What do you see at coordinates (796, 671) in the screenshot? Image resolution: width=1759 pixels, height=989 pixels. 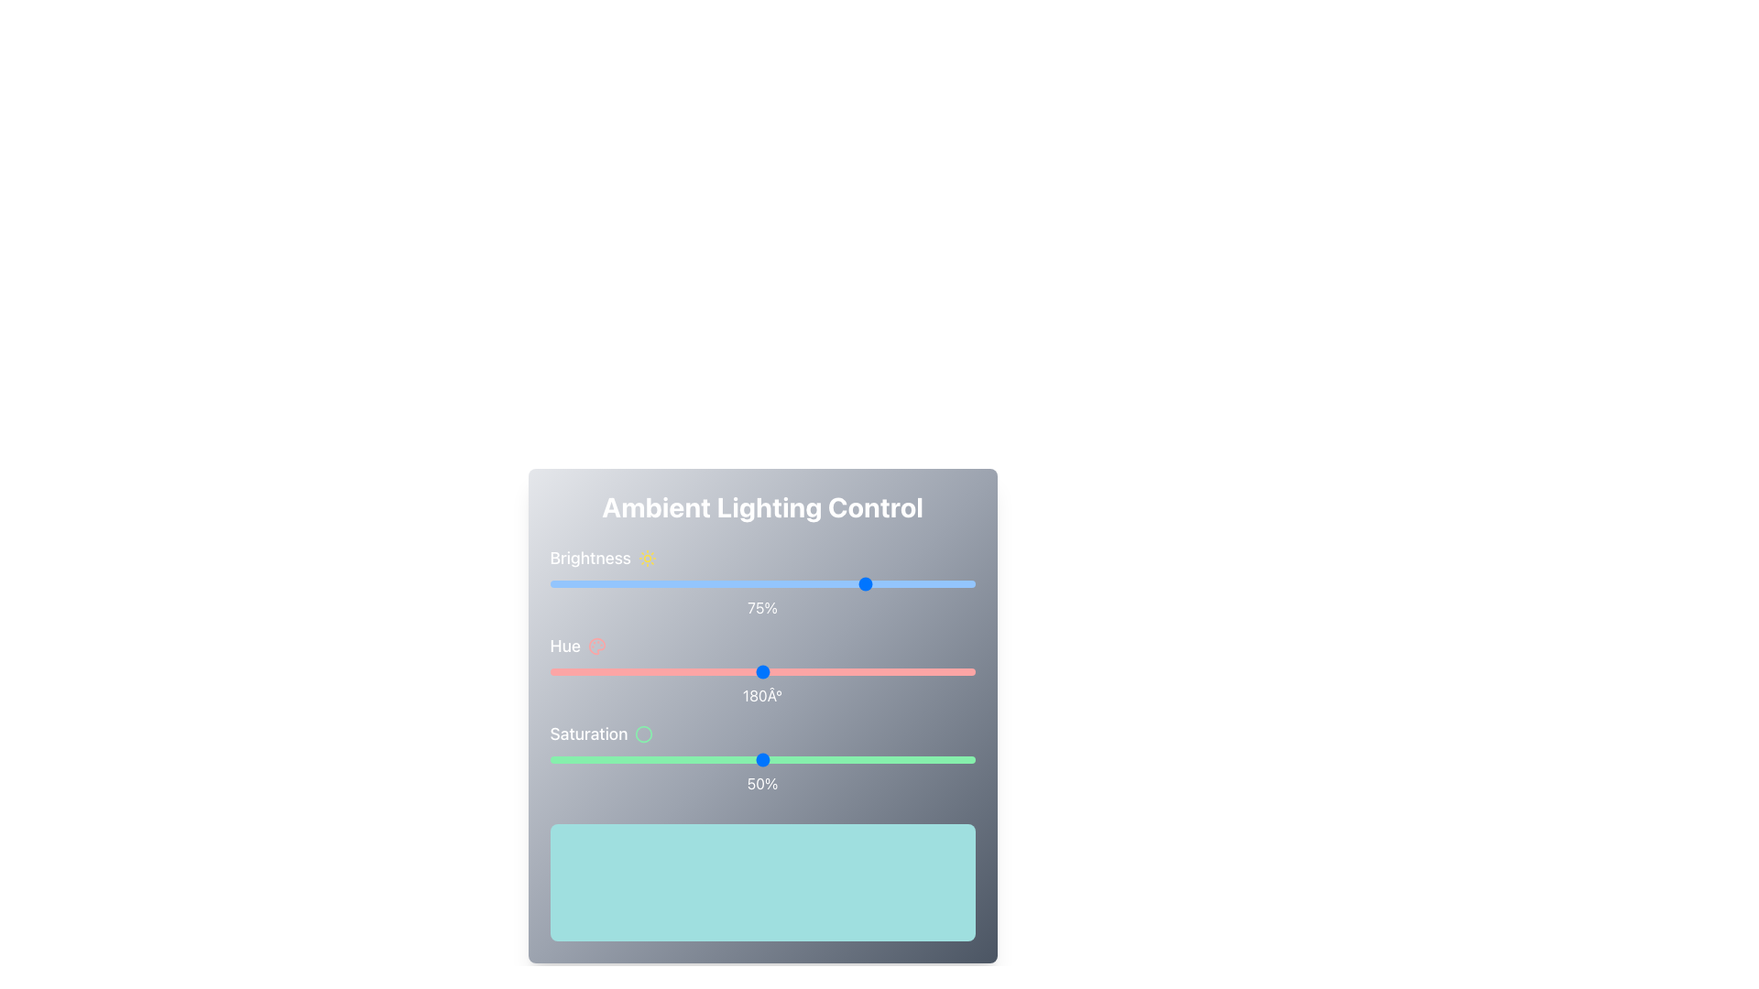 I see `the hue value` at bounding box center [796, 671].